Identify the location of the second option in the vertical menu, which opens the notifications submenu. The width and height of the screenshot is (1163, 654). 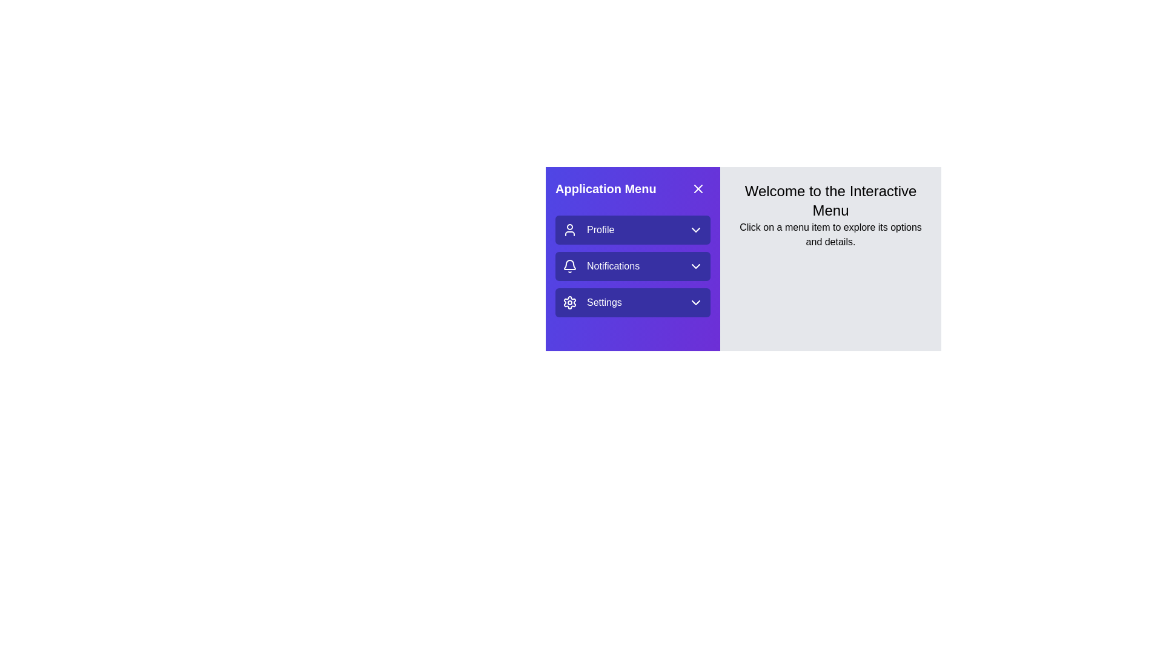
(632, 265).